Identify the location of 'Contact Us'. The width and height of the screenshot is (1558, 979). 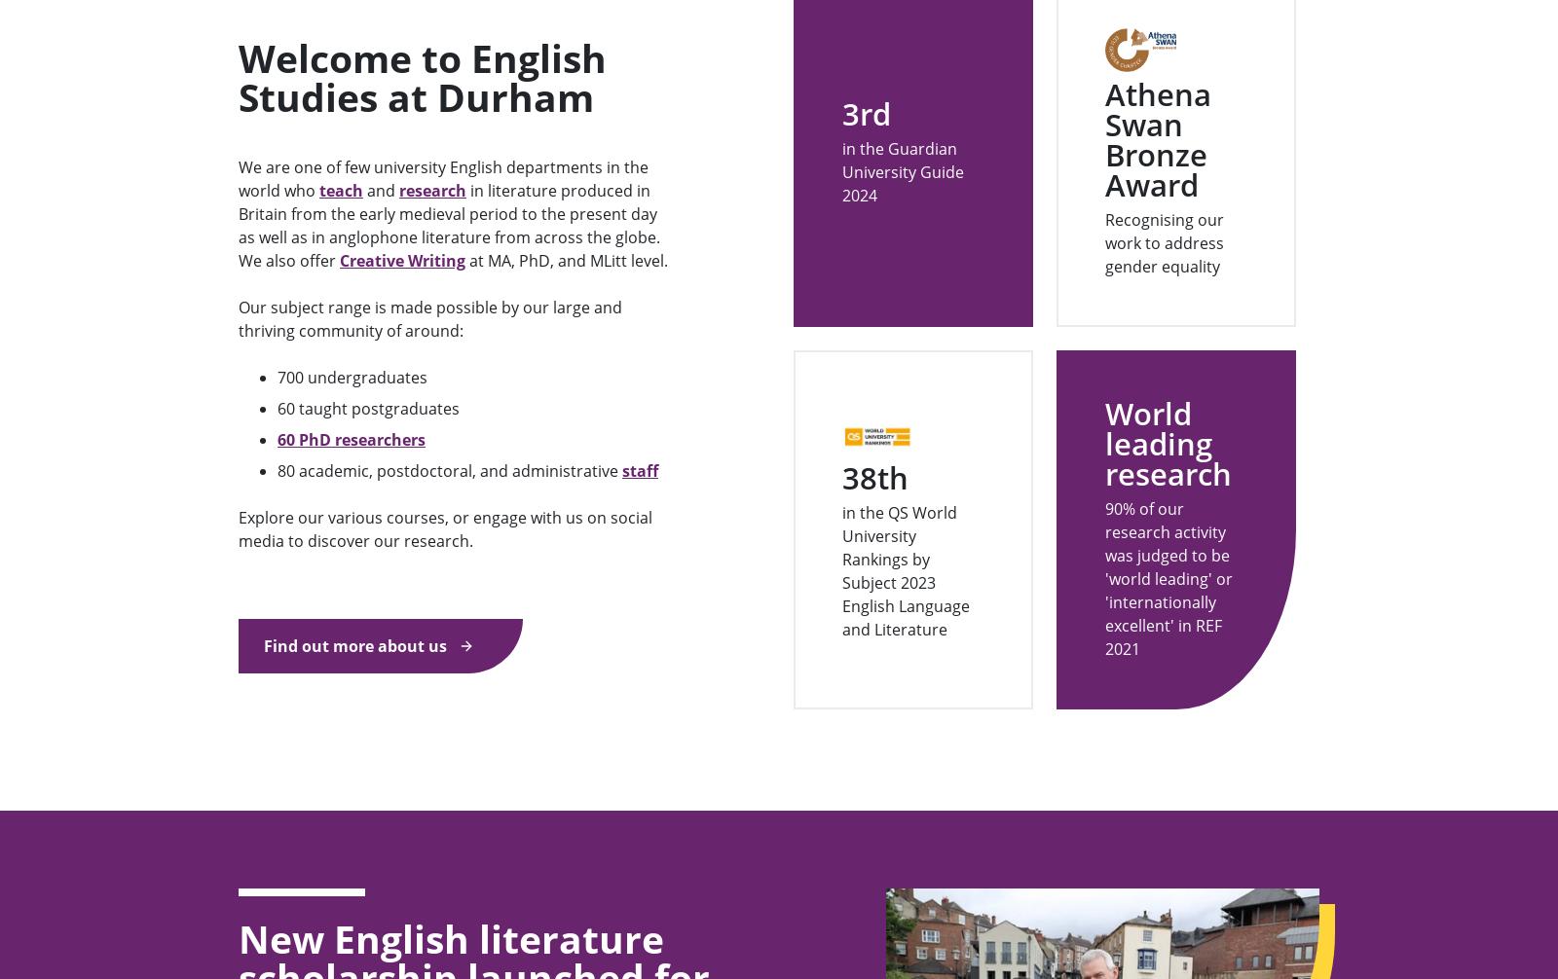
(276, 866).